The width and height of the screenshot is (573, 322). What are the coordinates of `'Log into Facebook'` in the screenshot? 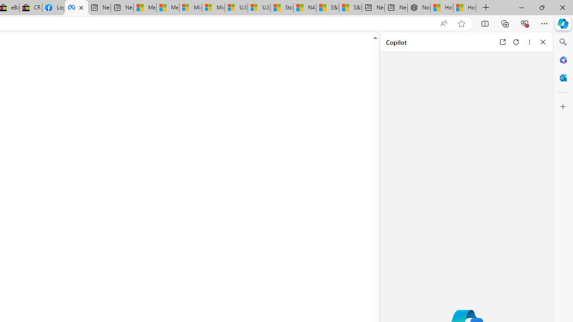 It's located at (53, 8).